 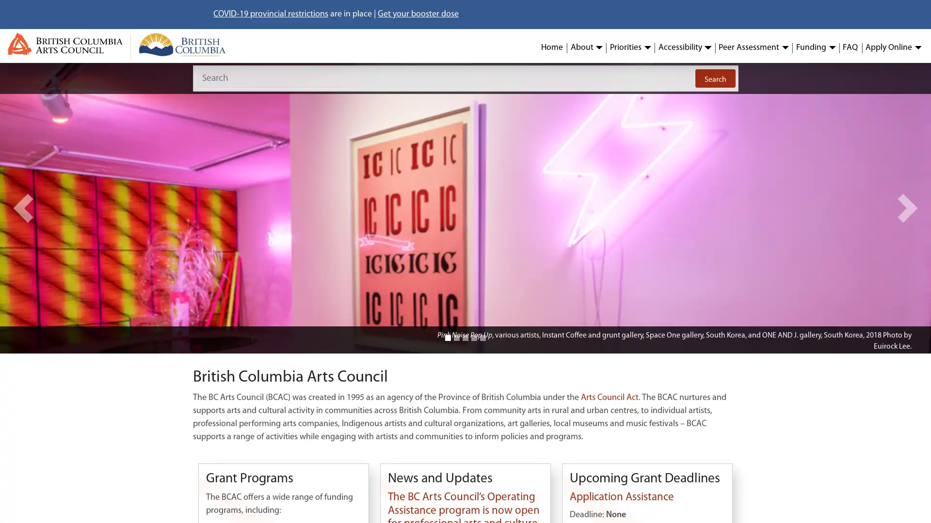 What do you see at coordinates (715, 78) in the screenshot?
I see `Search` at bounding box center [715, 78].